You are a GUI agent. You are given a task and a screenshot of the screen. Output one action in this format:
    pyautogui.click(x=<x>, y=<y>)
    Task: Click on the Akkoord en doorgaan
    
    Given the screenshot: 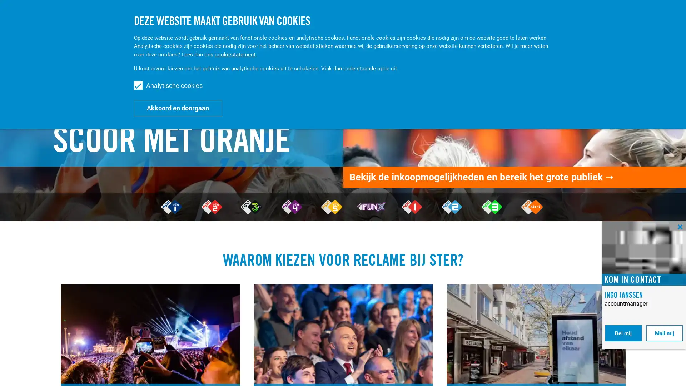 What is the action you would take?
    pyautogui.click(x=178, y=108)
    